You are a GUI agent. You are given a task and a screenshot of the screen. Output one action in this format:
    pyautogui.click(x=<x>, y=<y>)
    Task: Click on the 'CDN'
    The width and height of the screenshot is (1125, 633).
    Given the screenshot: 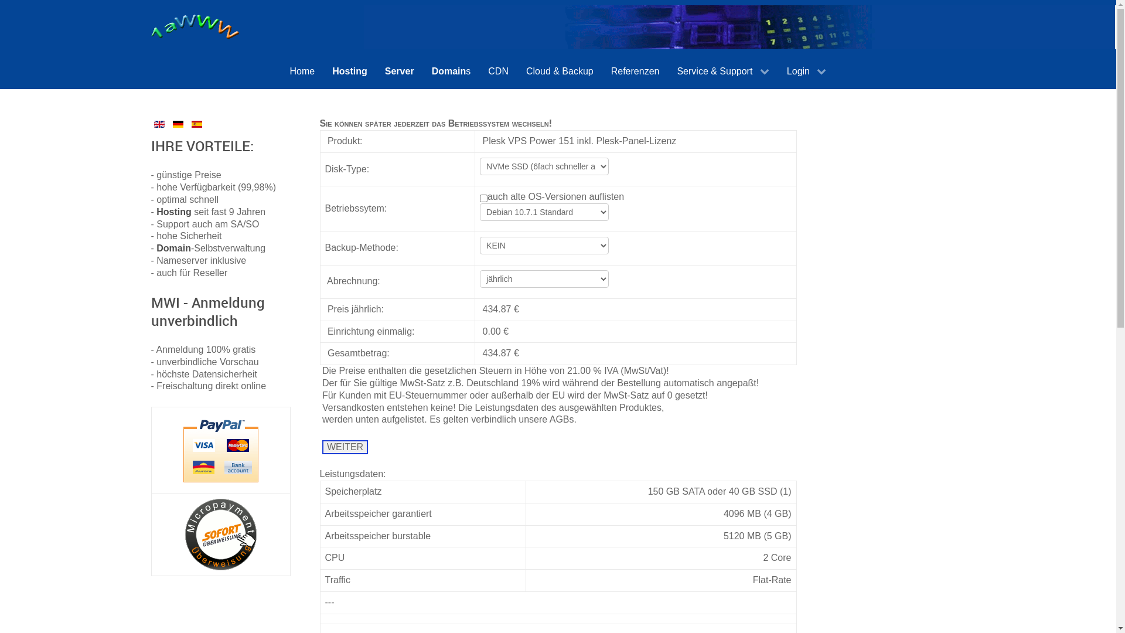 What is the action you would take?
    pyautogui.click(x=498, y=71)
    